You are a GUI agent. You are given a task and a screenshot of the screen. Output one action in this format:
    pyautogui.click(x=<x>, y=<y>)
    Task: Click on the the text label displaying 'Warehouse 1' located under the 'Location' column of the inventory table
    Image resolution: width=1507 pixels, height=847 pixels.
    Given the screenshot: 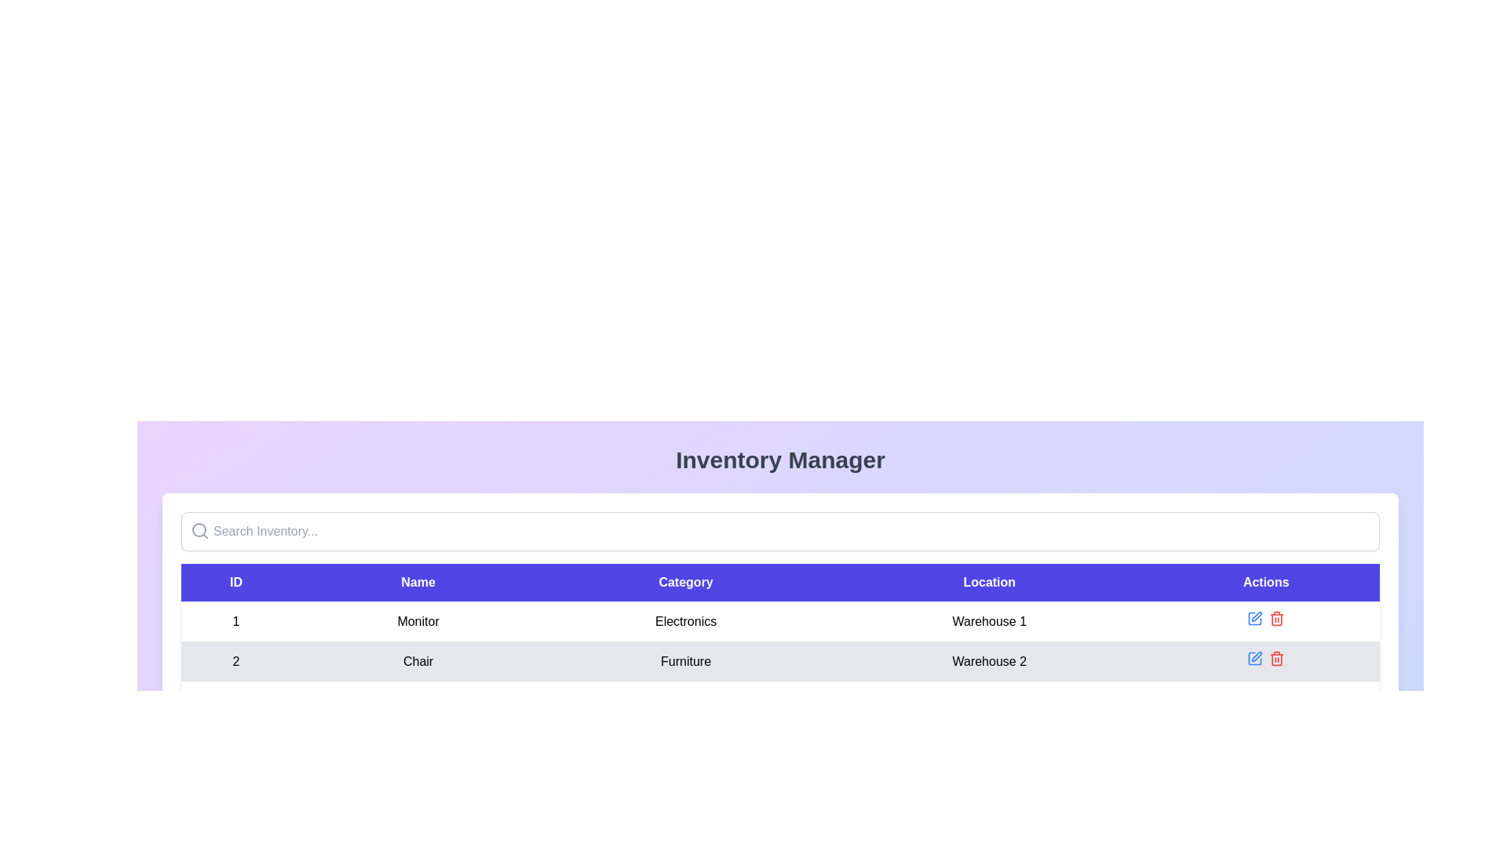 What is the action you would take?
    pyautogui.click(x=988, y=620)
    